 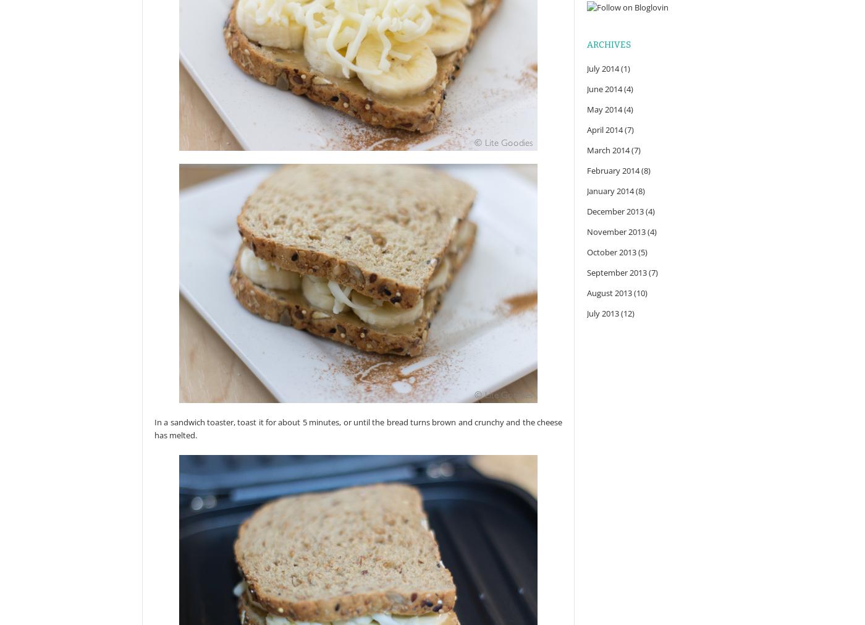 I want to click on 'October 2013', so click(x=611, y=252).